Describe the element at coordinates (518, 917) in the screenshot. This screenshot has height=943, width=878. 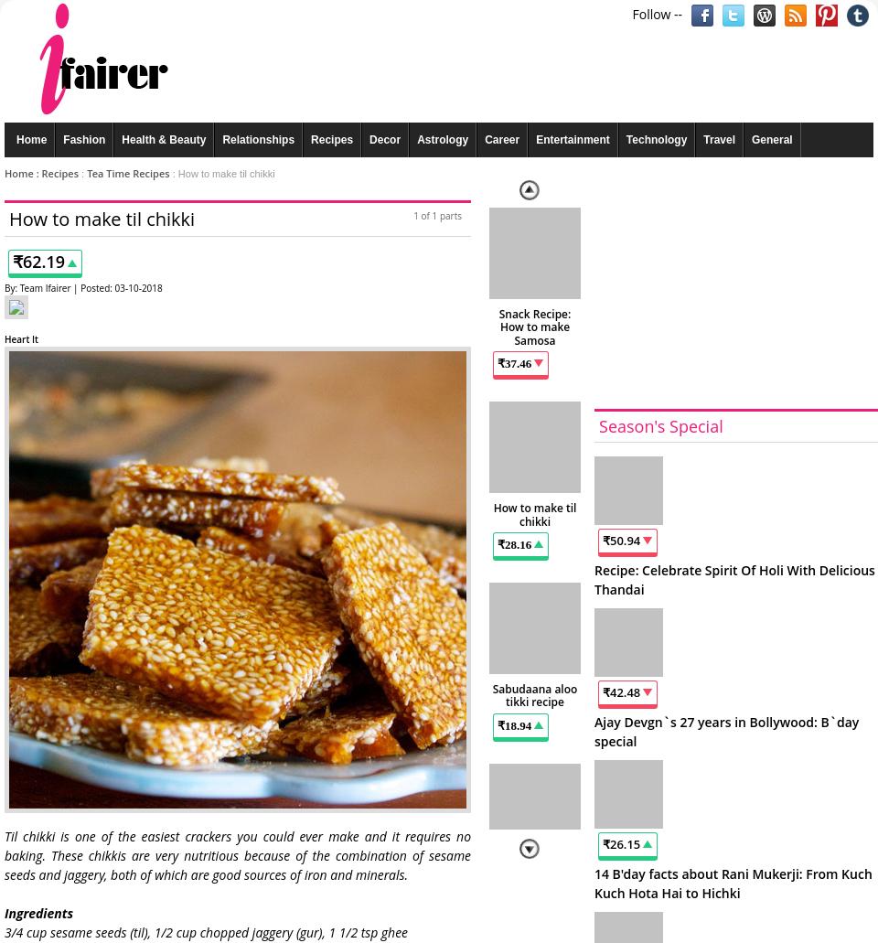
I see `'33.41'` at that location.